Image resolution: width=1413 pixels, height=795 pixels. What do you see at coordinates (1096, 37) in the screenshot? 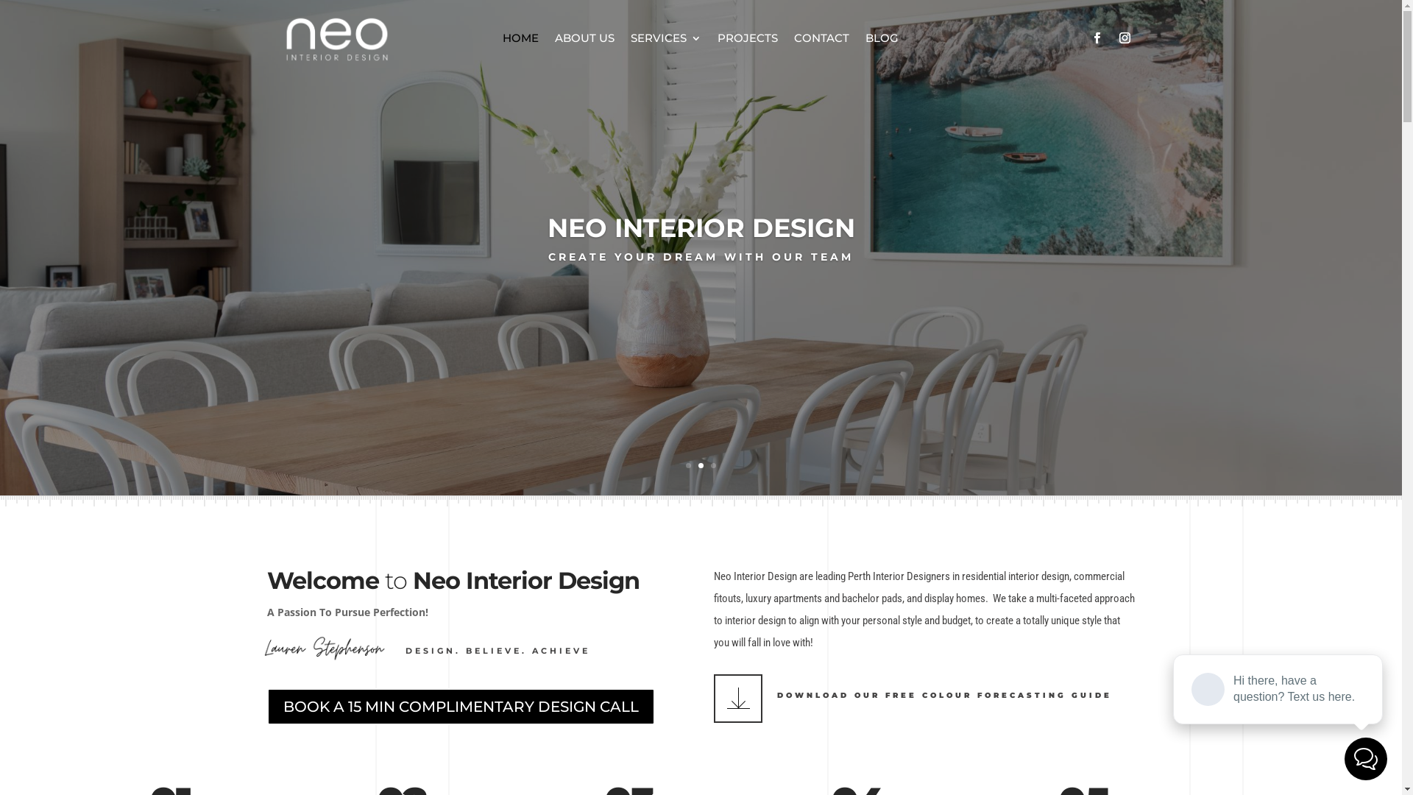
I see `'Follow on Facebook'` at bounding box center [1096, 37].